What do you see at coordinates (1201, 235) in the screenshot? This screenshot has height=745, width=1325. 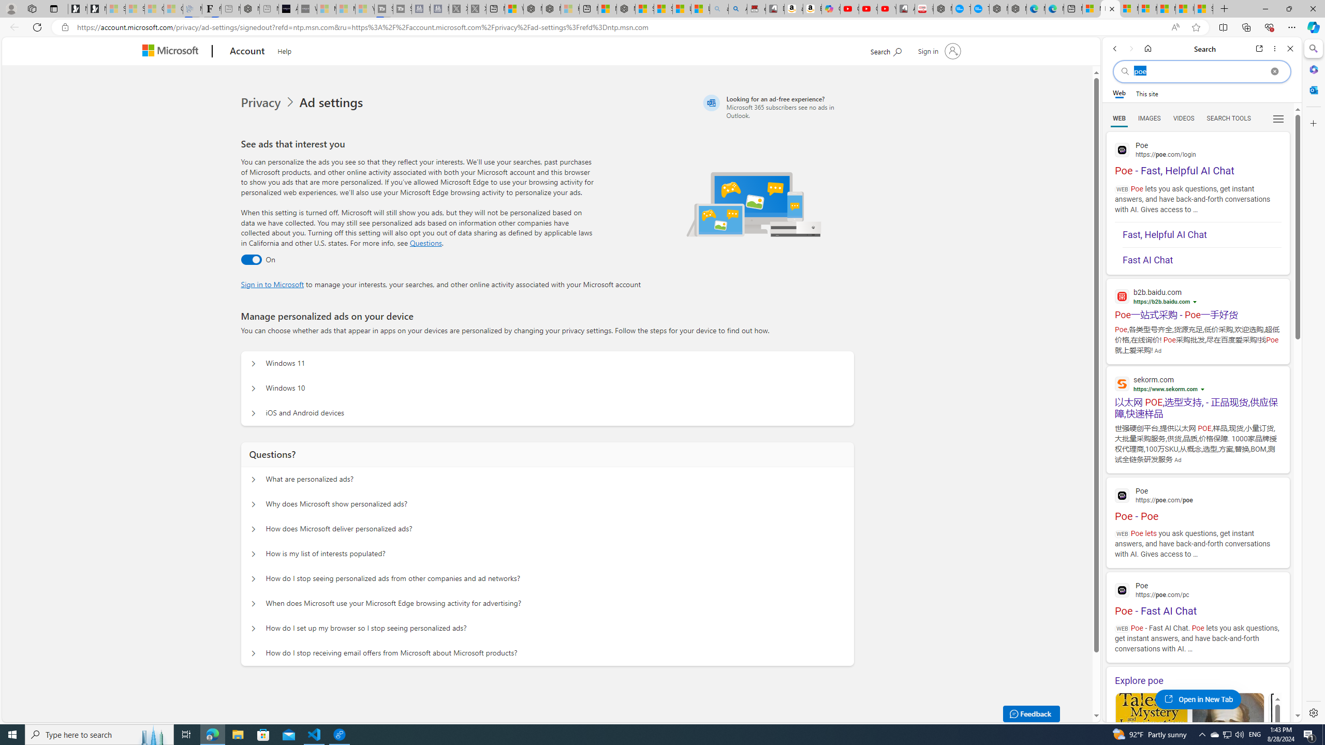 I see `'Fast, Helpful AI Chat'` at bounding box center [1201, 235].